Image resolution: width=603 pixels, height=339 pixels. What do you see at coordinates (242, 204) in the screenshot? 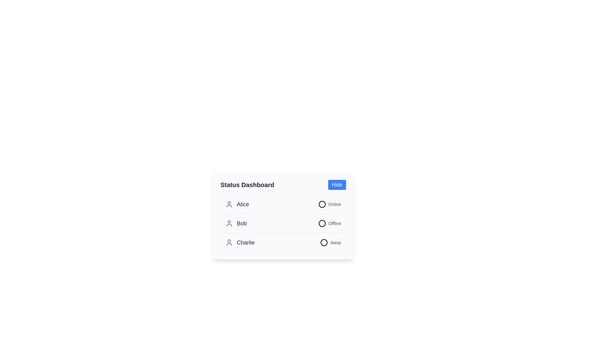
I see `the text element displaying the name 'Alice'` at bounding box center [242, 204].